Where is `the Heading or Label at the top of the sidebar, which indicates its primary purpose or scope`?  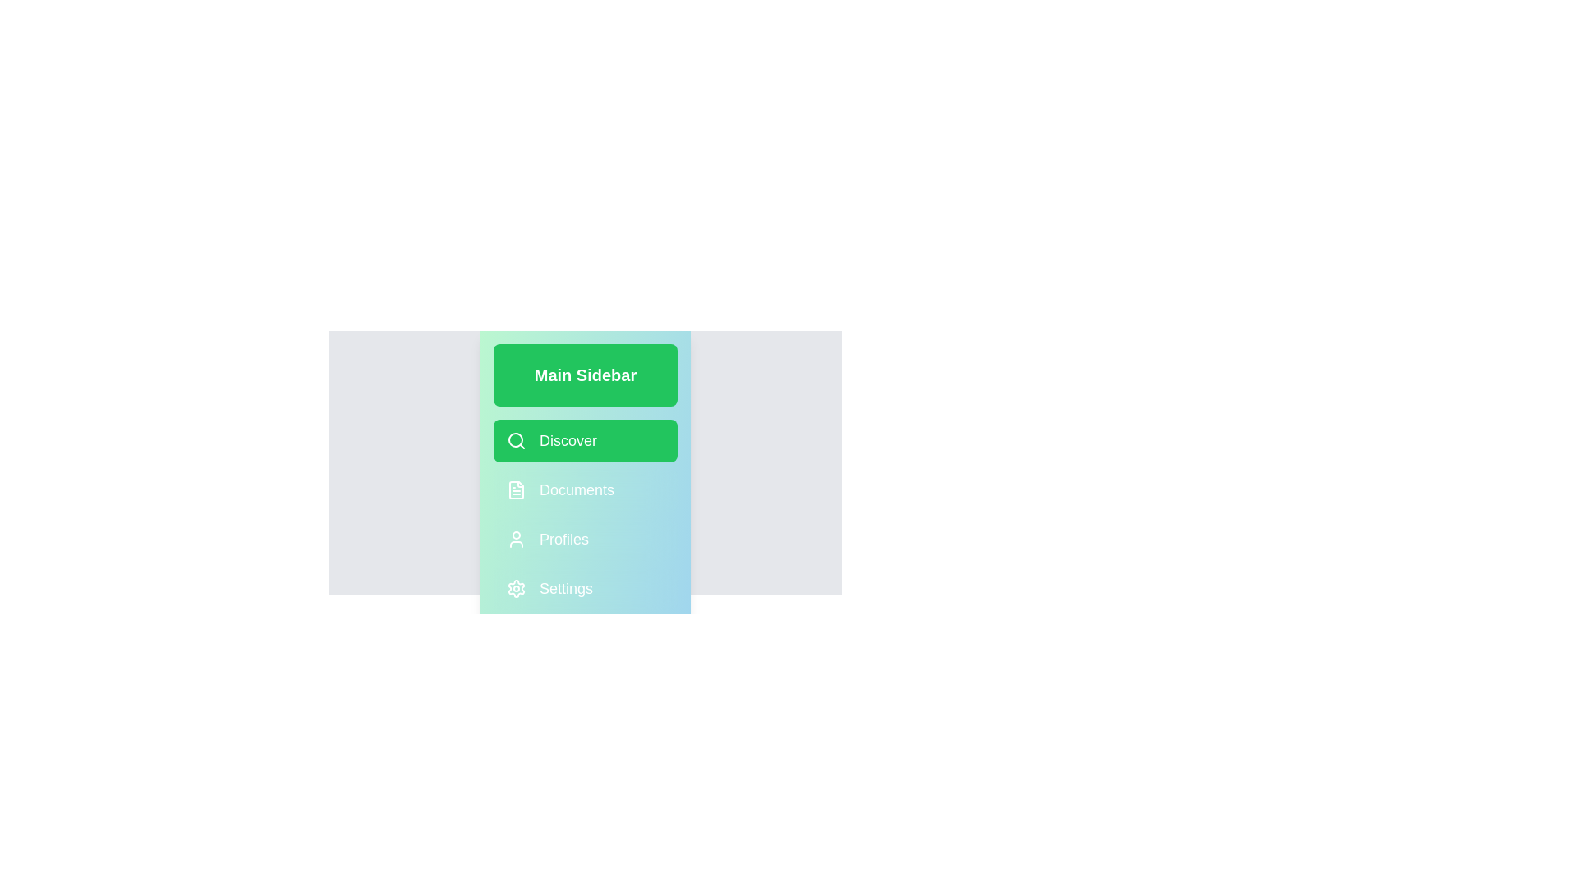 the Heading or Label at the top of the sidebar, which indicates its primary purpose or scope is located at coordinates (586, 375).